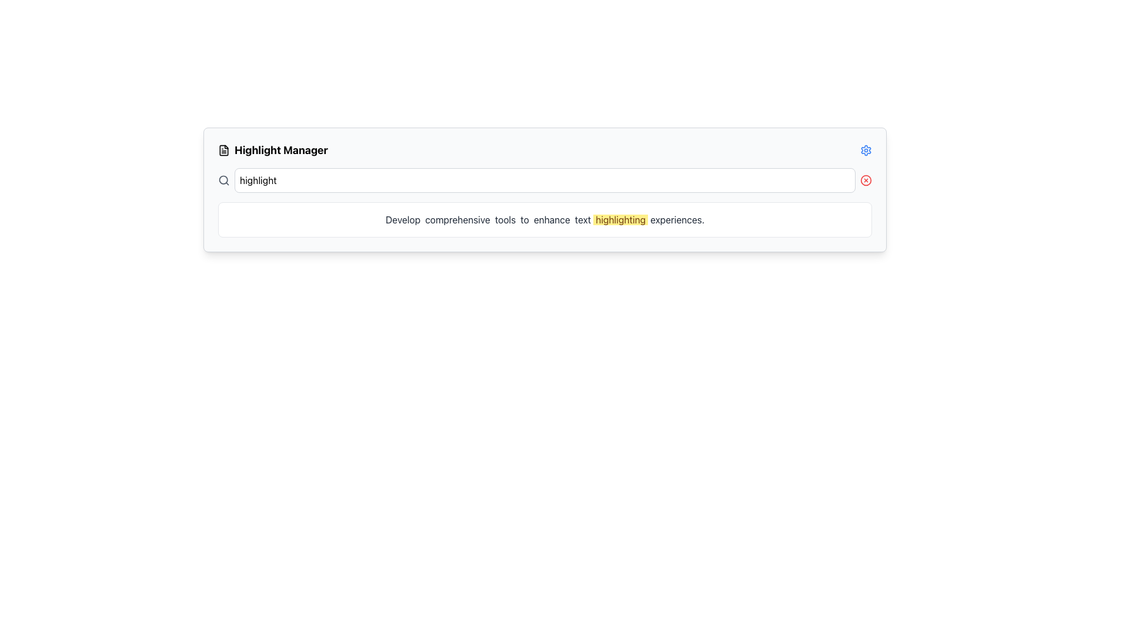  What do you see at coordinates (866, 149) in the screenshot?
I see `the gear-shaped settings icon located` at bounding box center [866, 149].